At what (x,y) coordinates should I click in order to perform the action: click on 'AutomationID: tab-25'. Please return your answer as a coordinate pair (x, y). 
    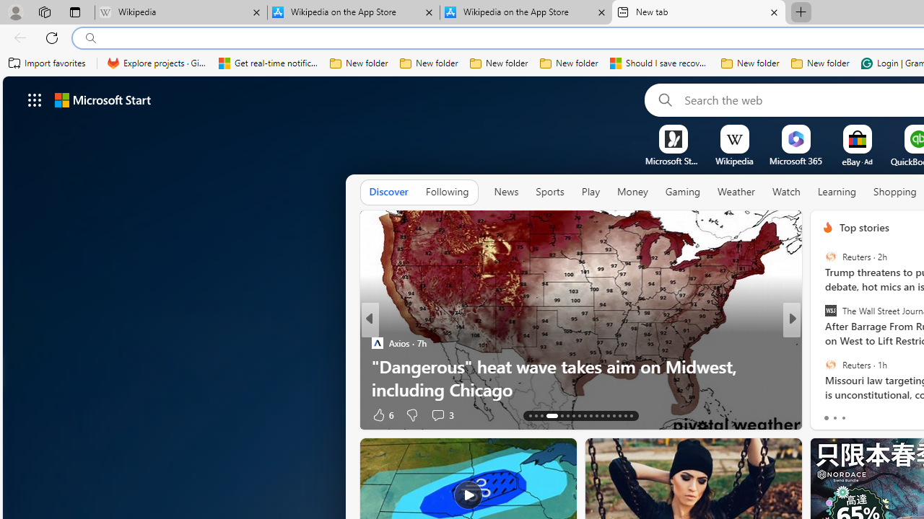
    Looking at the image, I should click on (608, 416).